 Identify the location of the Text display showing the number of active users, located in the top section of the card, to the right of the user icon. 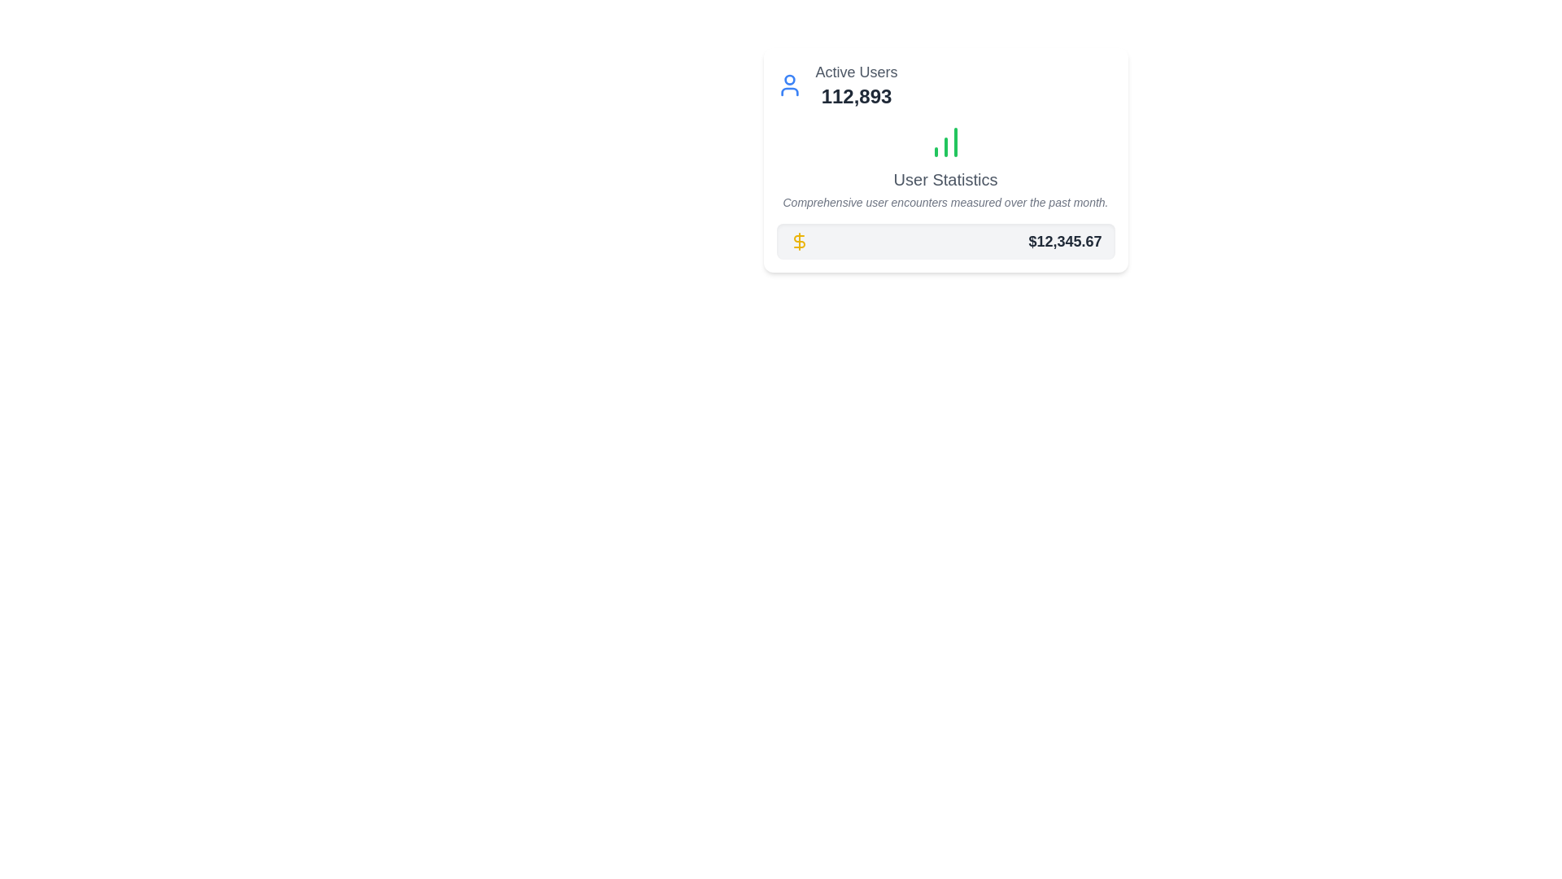
(855, 85).